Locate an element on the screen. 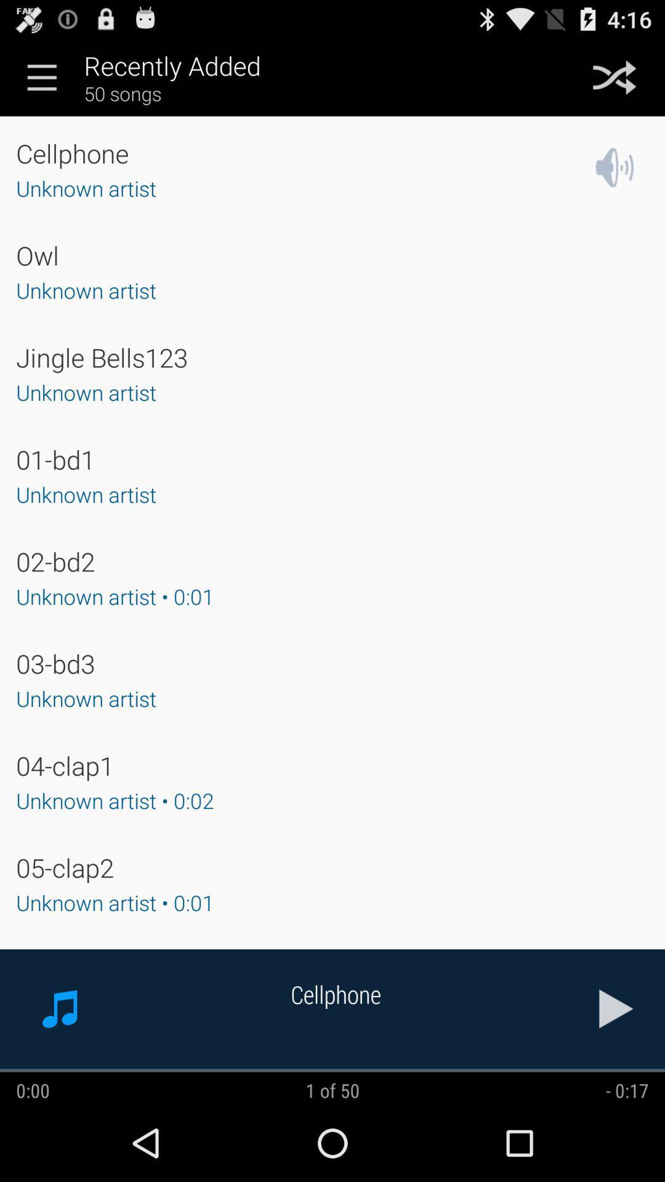 This screenshot has height=1182, width=665. the icon to the right of unknown artist is located at coordinates (615, 167).